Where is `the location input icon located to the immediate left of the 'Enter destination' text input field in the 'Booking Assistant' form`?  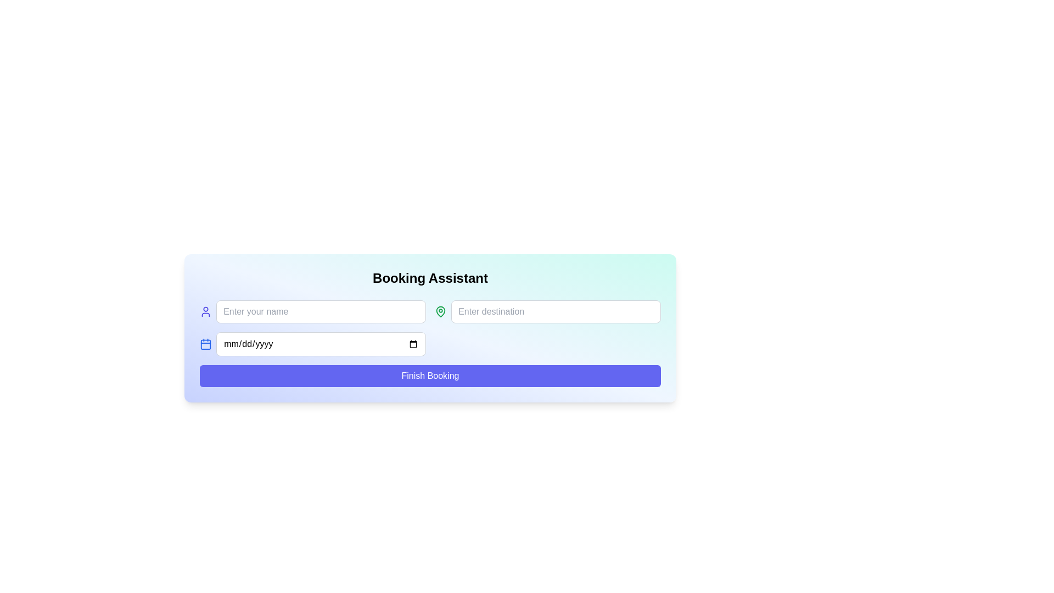
the location input icon located to the immediate left of the 'Enter destination' text input field in the 'Booking Assistant' form is located at coordinates (441, 311).